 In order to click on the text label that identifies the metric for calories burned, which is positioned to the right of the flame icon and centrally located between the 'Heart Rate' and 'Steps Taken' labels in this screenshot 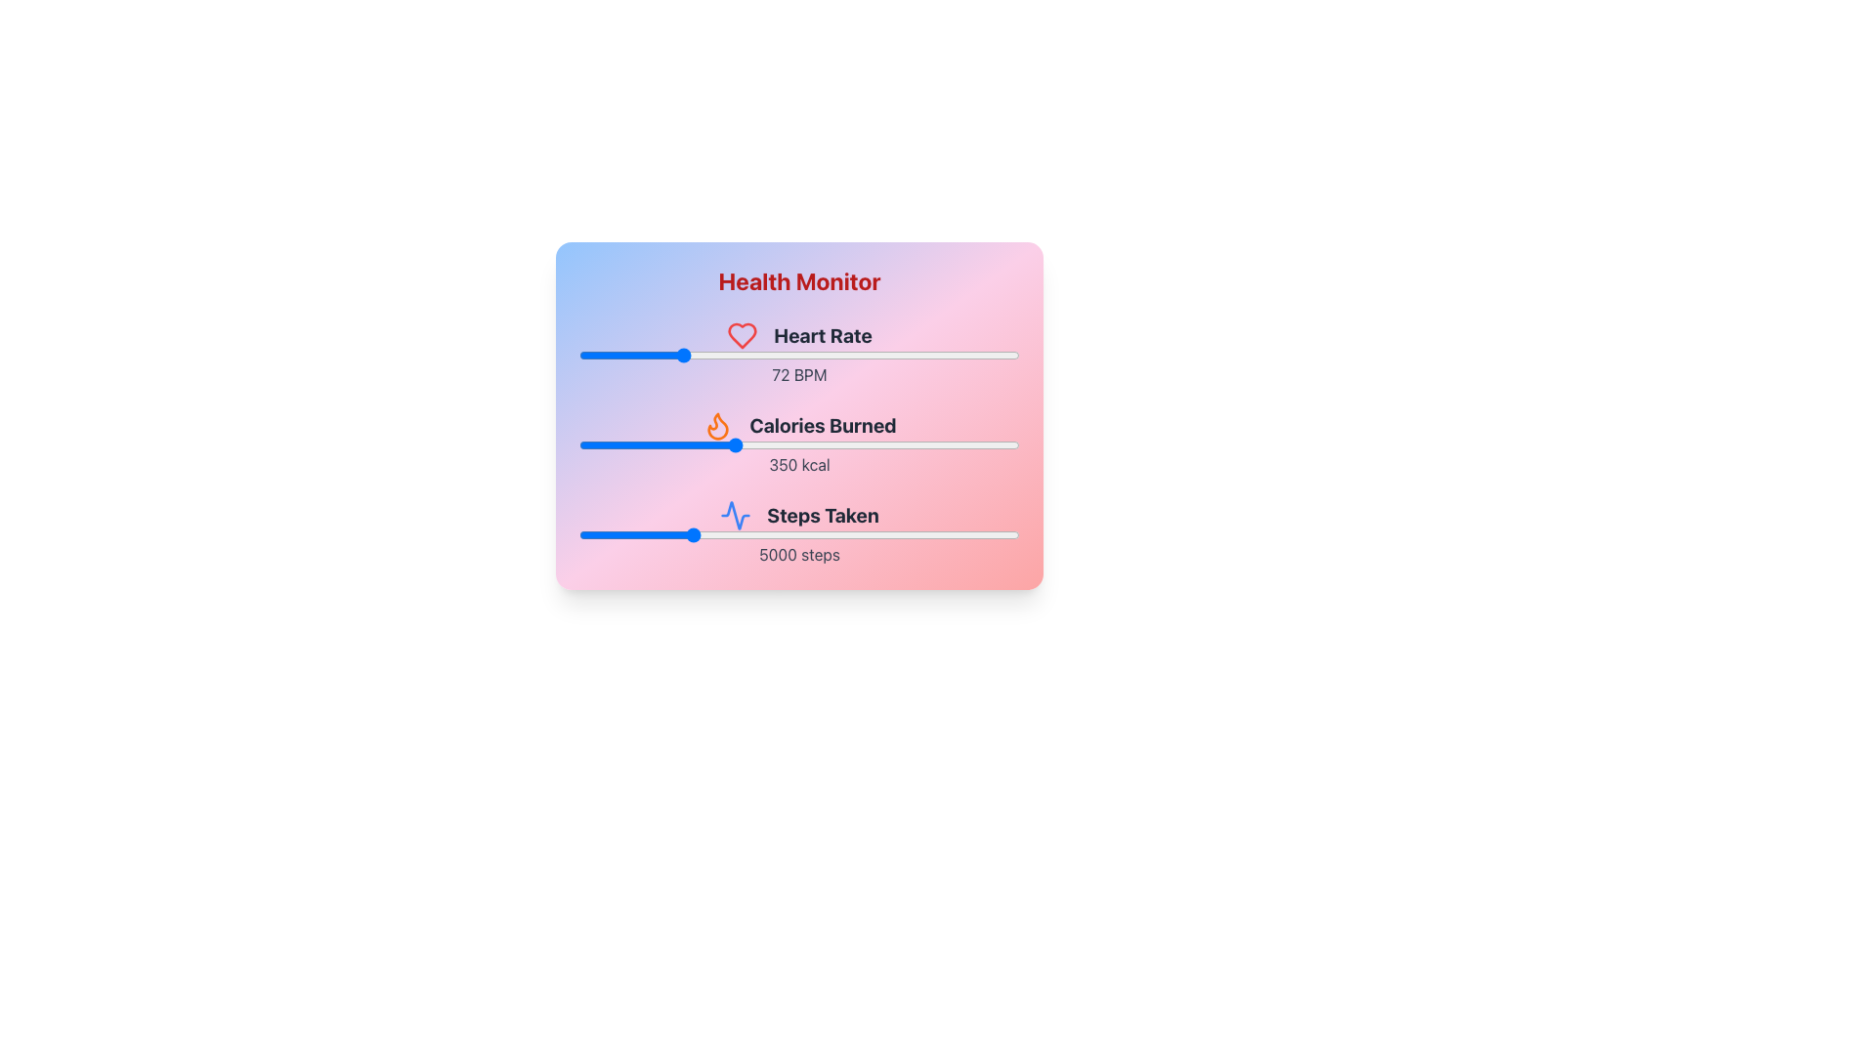, I will do `click(823, 424)`.